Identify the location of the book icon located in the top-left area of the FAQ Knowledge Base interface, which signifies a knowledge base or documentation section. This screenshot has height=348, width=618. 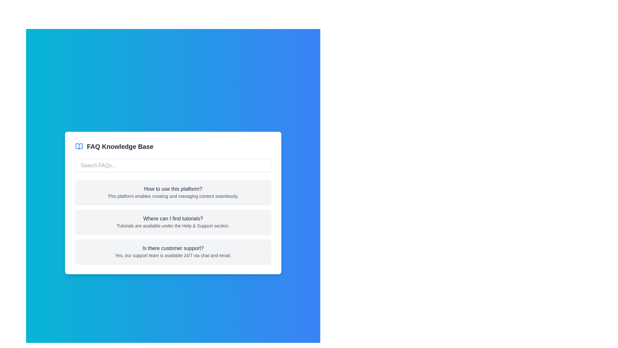
(79, 147).